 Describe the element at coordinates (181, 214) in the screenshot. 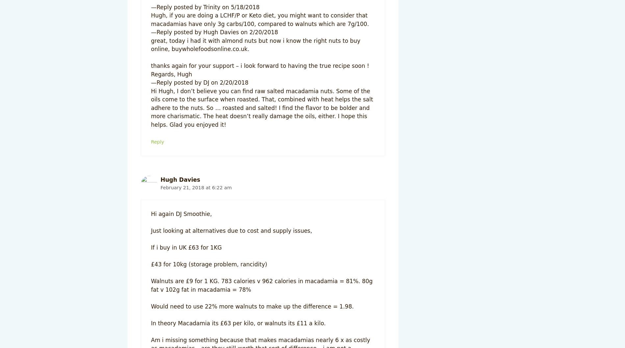

I see `'Hi again DJ Smoothie,'` at that location.